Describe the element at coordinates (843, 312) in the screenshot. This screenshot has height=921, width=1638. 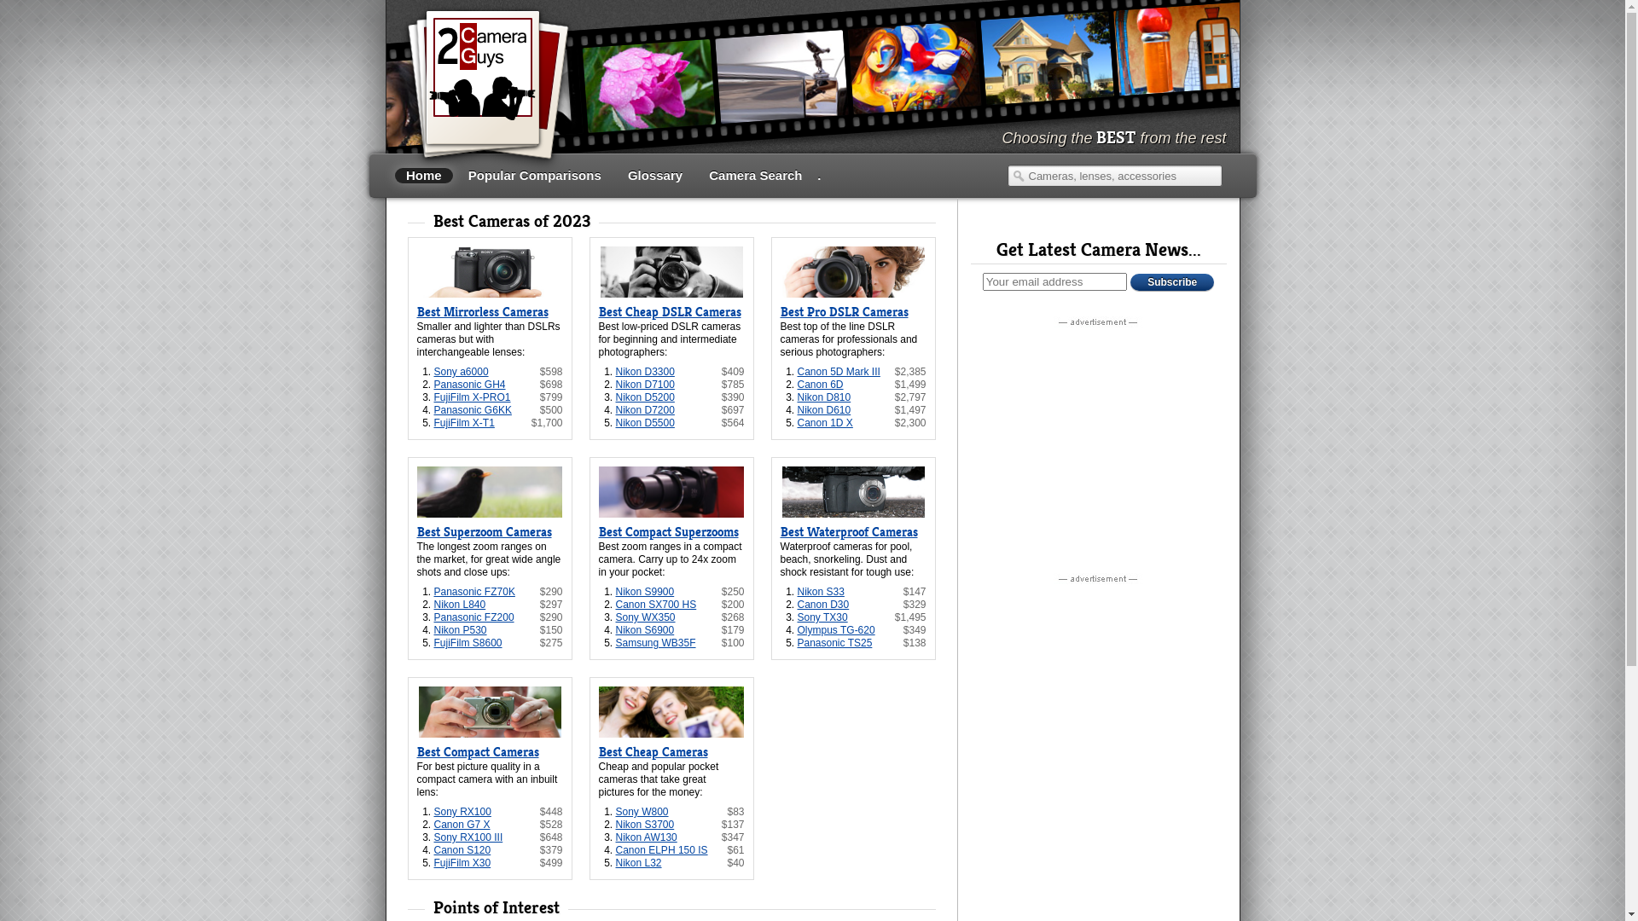
I see `'Best Pro DSLR Cameras'` at that location.